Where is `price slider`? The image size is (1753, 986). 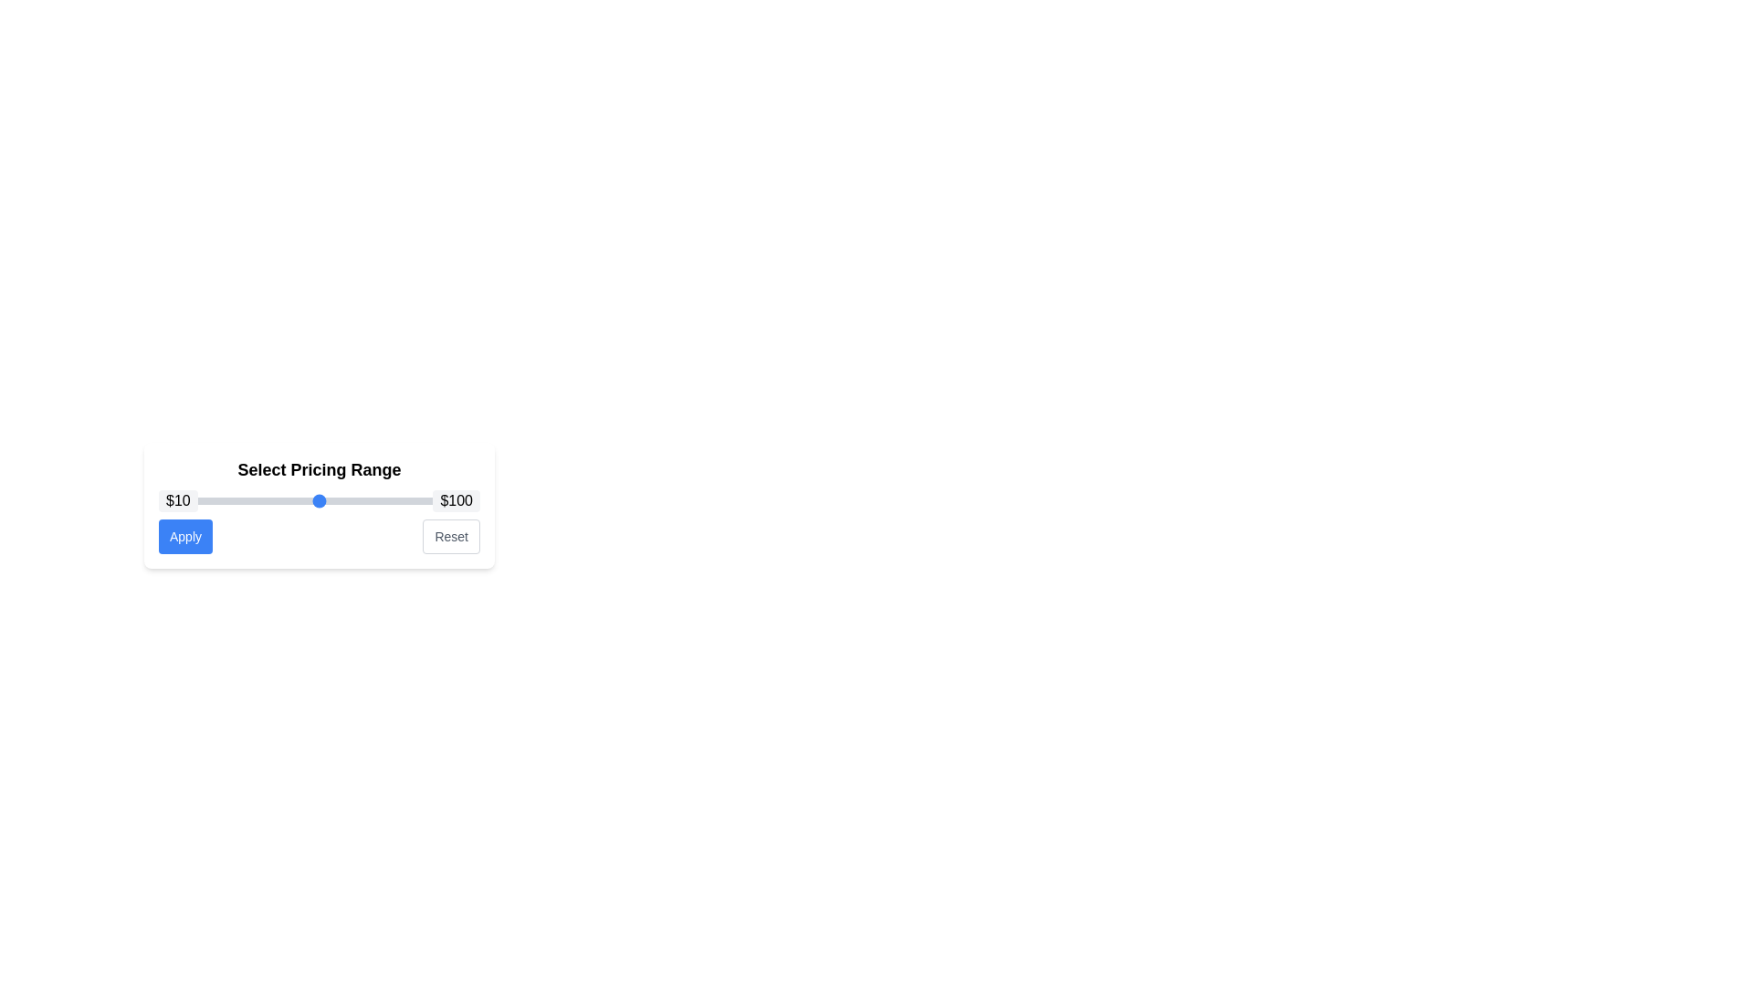 price slider is located at coordinates (165, 500).